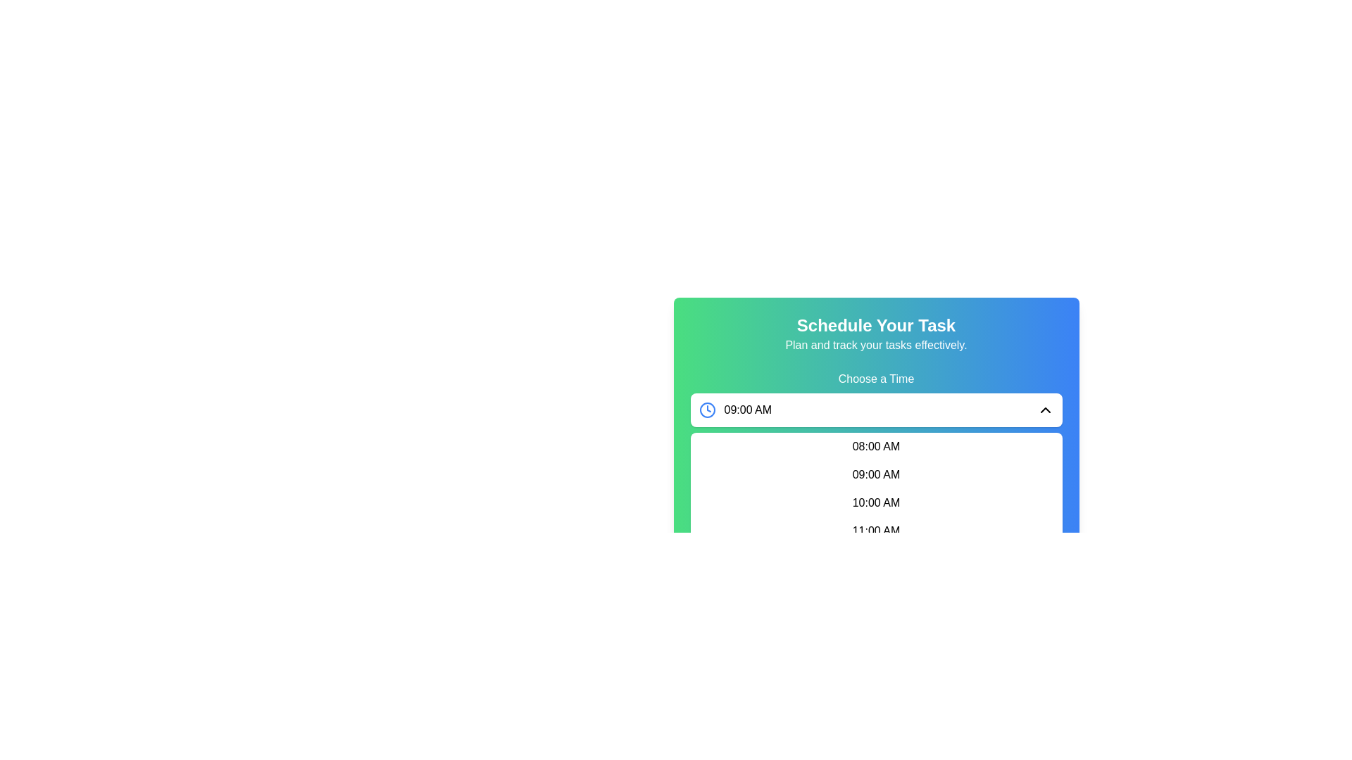 This screenshot has width=1352, height=760. I want to click on the Dropdown button located below the 'Choose a Time' heading using the keyboard, so click(875, 410).